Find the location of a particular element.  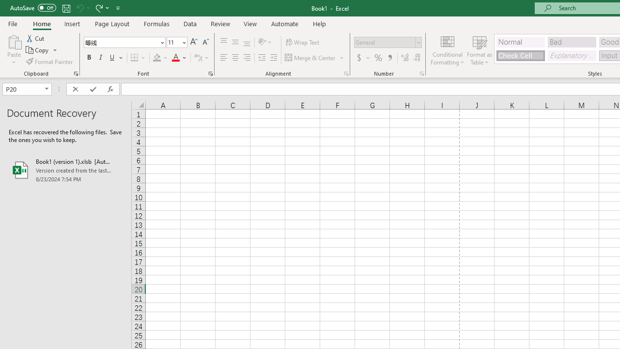

'Decrease Decimal' is located at coordinates (416, 58).